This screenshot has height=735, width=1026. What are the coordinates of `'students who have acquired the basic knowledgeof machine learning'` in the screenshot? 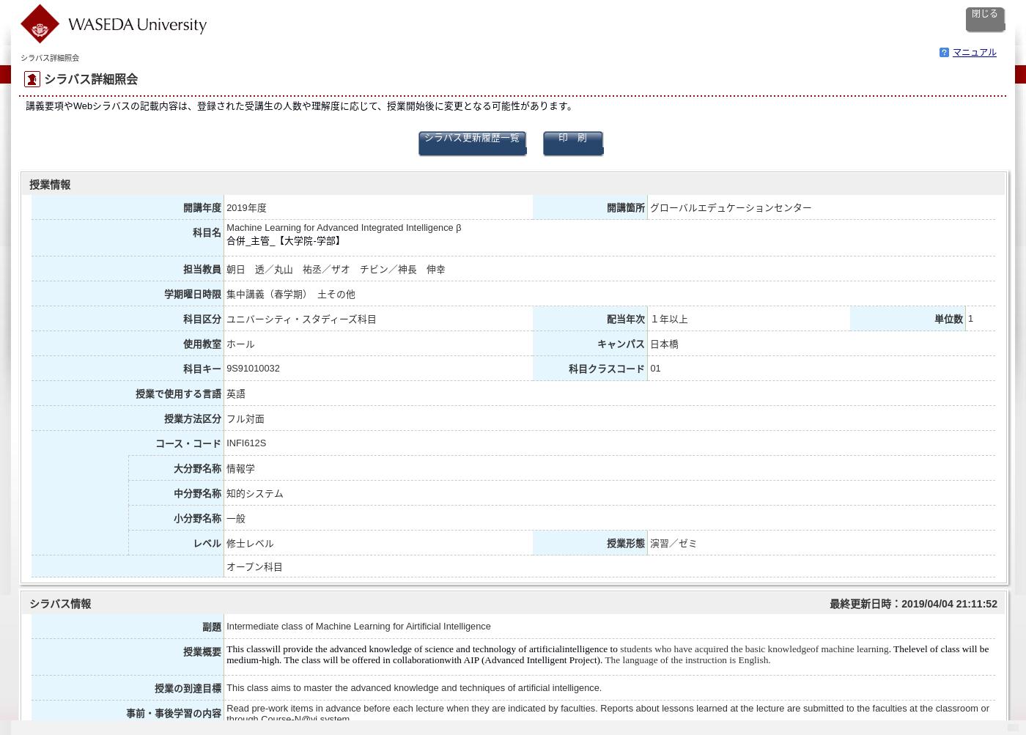 It's located at (754, 648).